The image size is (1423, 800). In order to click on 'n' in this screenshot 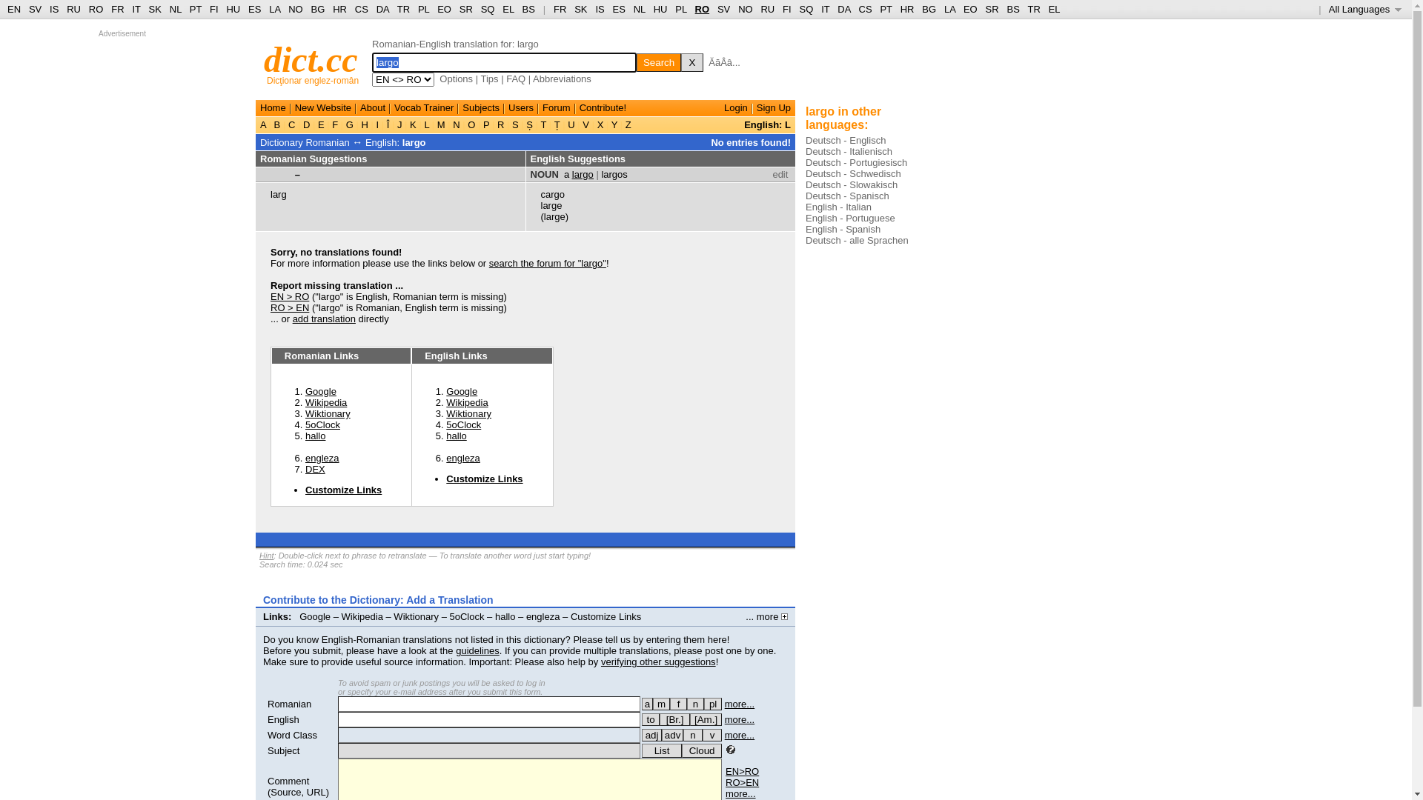, I will do `click(692, 735)`.